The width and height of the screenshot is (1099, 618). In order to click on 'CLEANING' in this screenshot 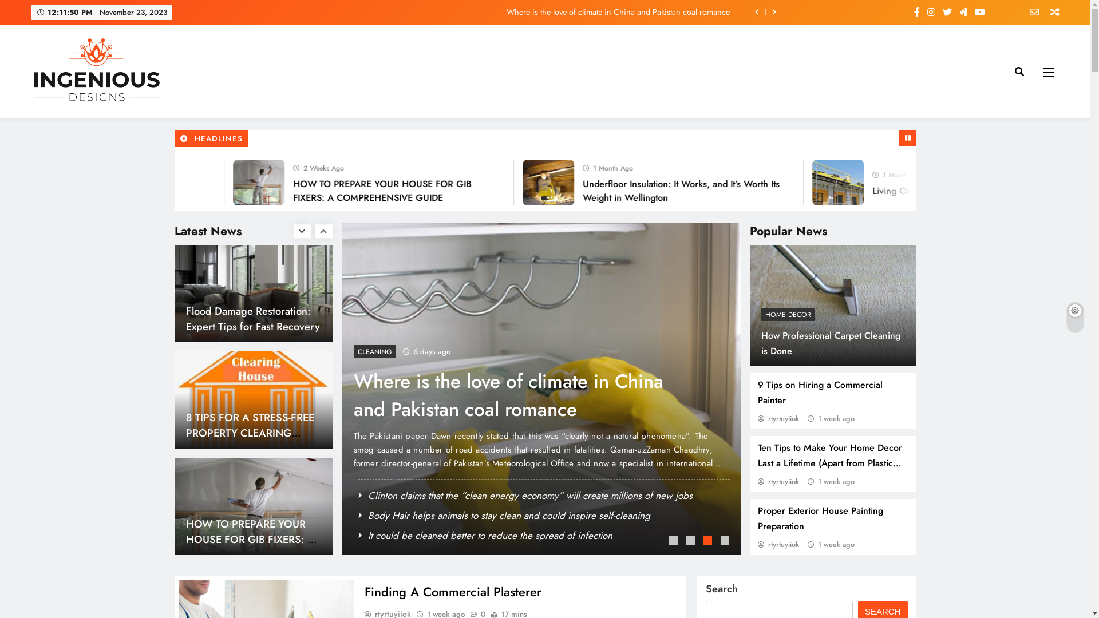, I will do `click(337, 351)`.